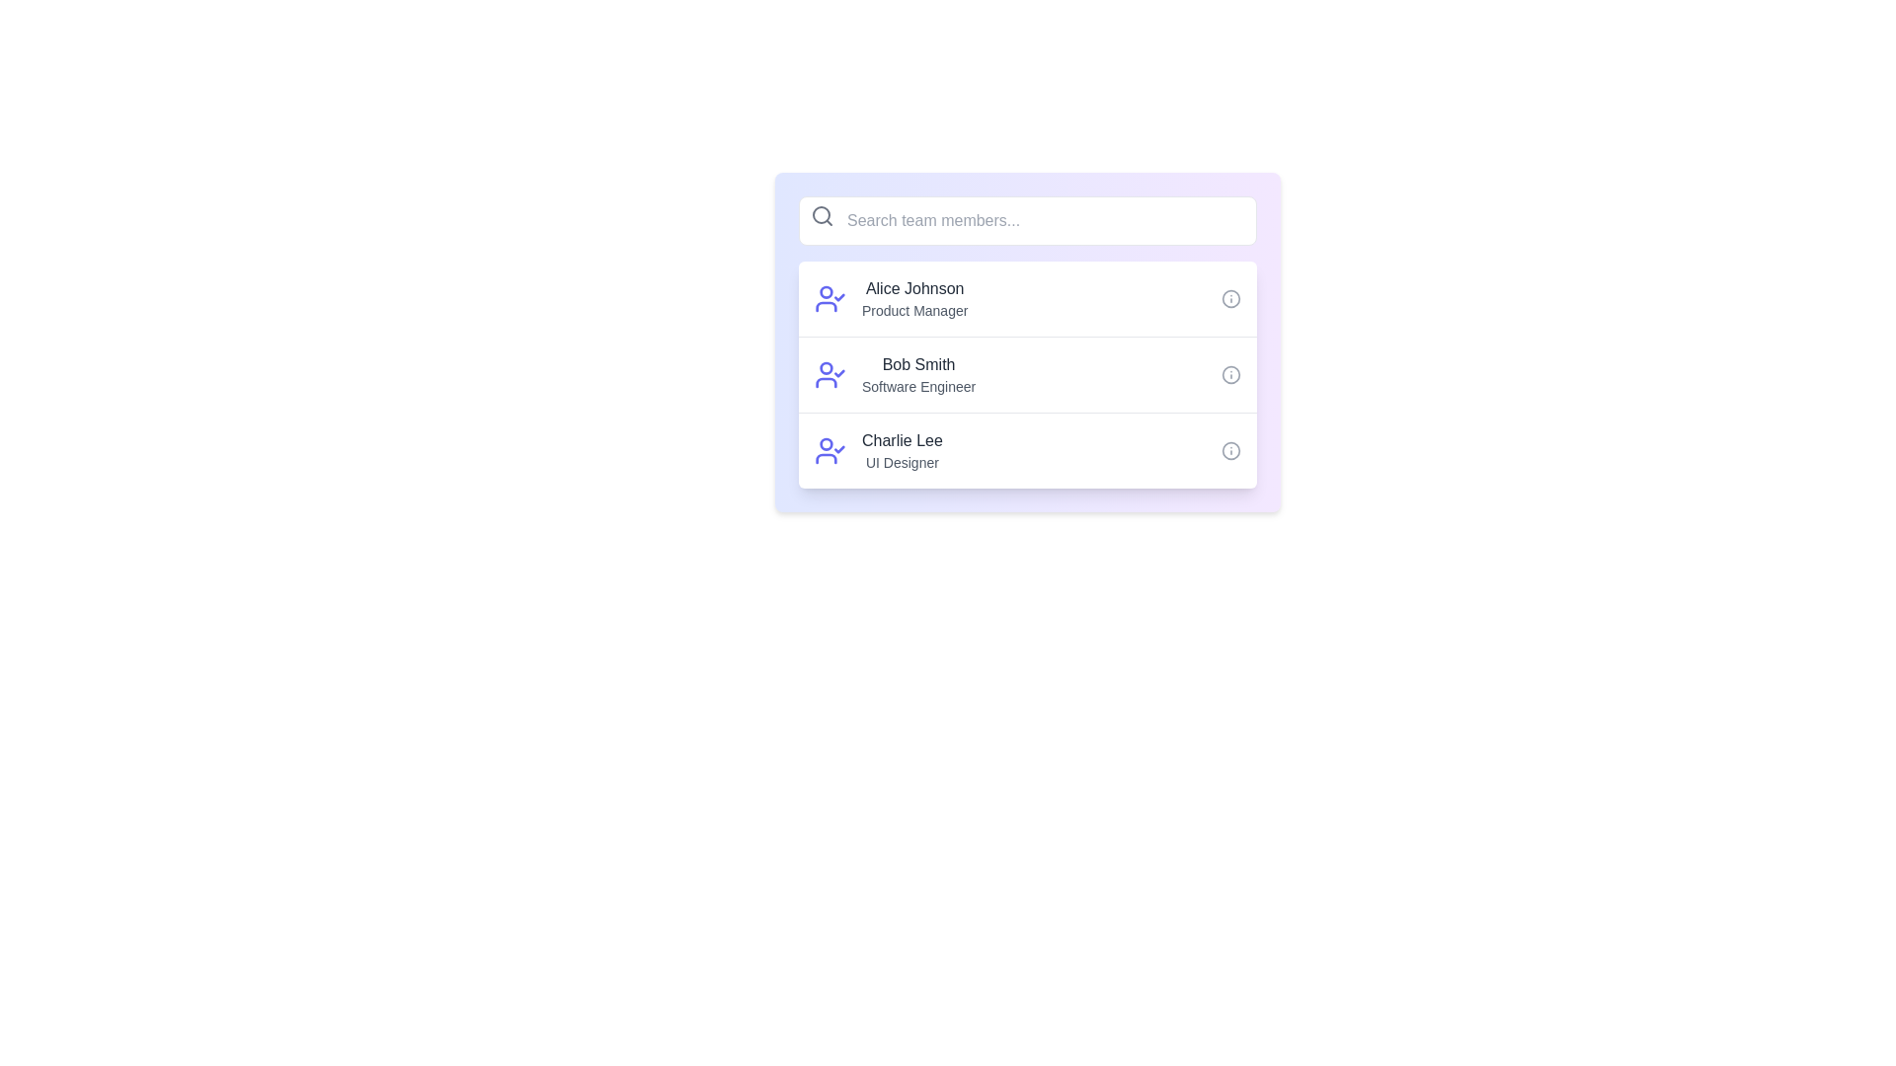 Image resolution: width=1896 pixels, height=1066 pixels. I want to click on the text label displaying 'Bob Smith' in a bold, dark gray font, which is part of the second list item in a vertical list of three, located above 'Software Engineer' and below 'Search team members...', so click(917, 365).